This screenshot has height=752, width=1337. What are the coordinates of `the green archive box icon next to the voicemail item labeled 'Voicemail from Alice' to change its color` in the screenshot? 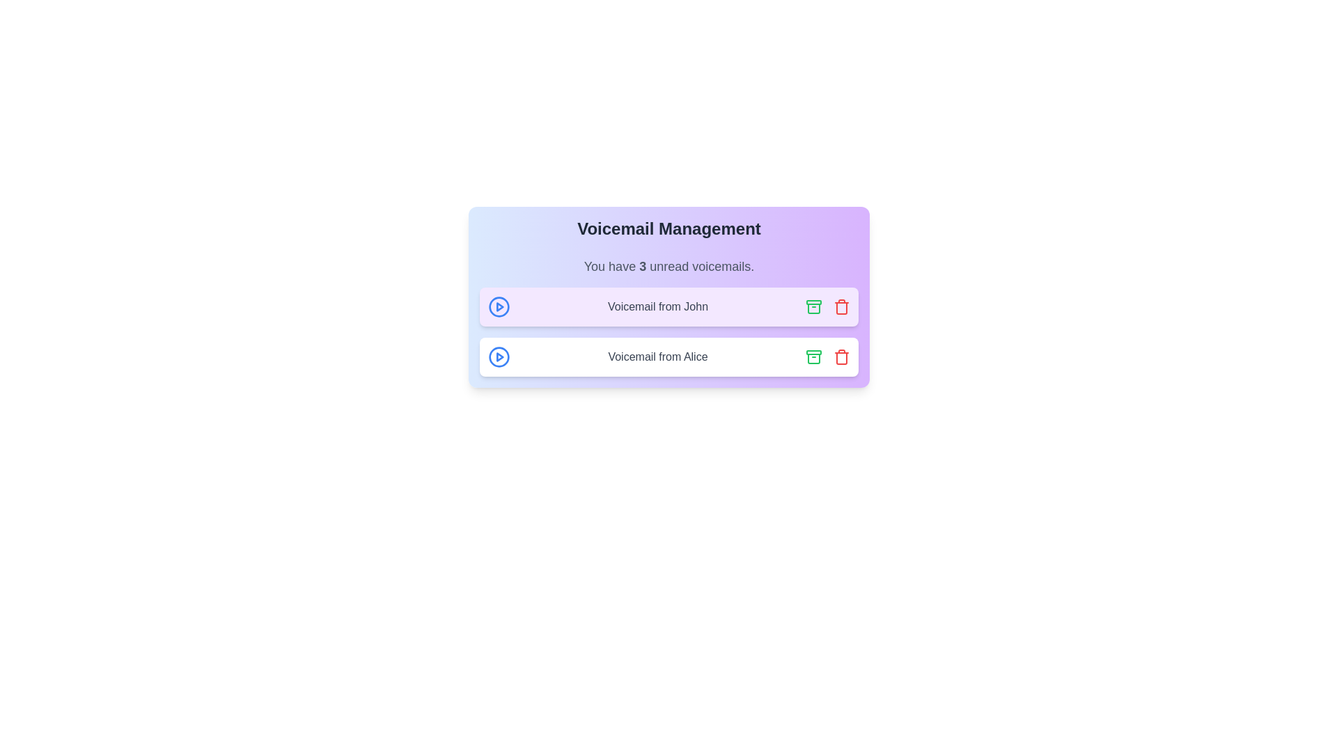 It's located at (814, 357).